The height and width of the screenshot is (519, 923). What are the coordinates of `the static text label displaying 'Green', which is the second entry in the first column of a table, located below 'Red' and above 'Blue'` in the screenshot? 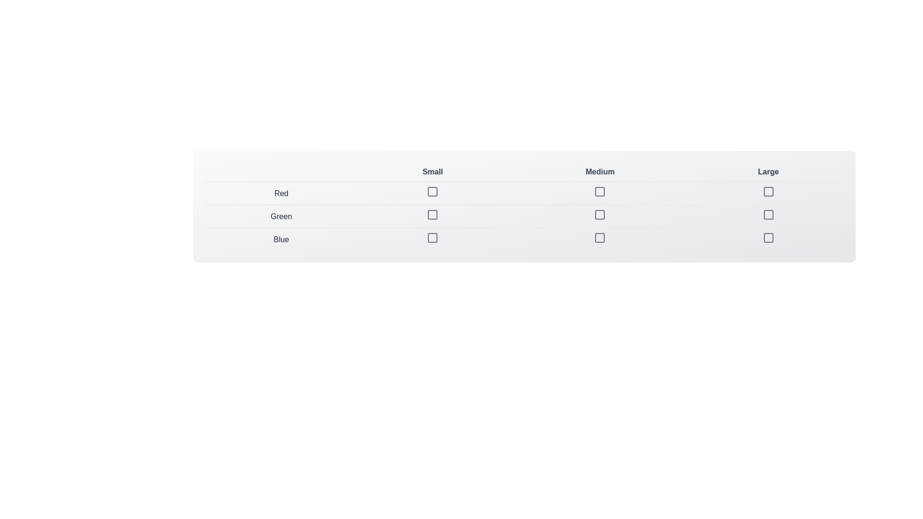 It's located at (281, 216).